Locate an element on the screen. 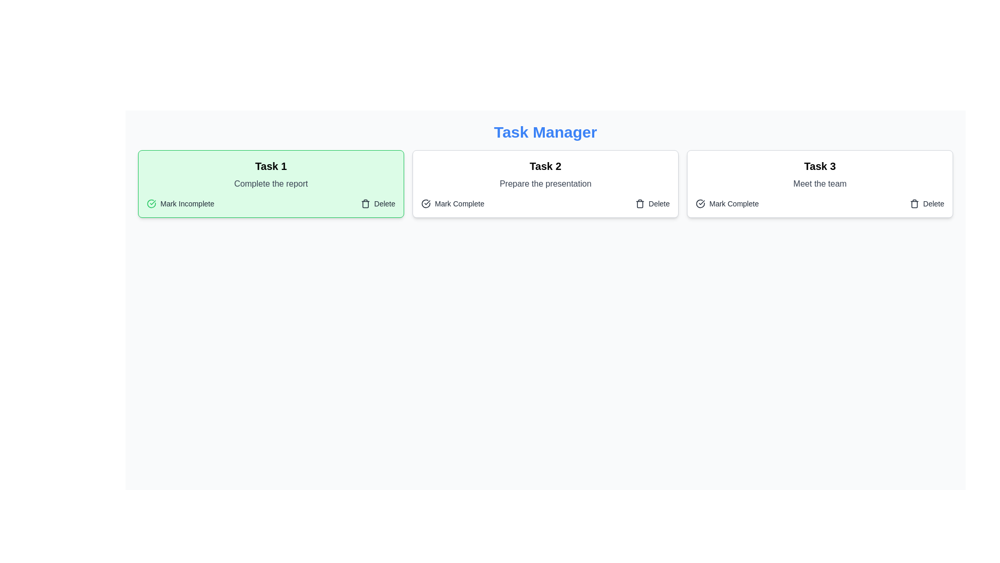 The height and width of the screenshot is (563, 1000). the Static Label indicating the delete functionality, which is located towards the bottom-right corner of the Task 1 box, next to the trash can icon is located at coordinates (384, 203).